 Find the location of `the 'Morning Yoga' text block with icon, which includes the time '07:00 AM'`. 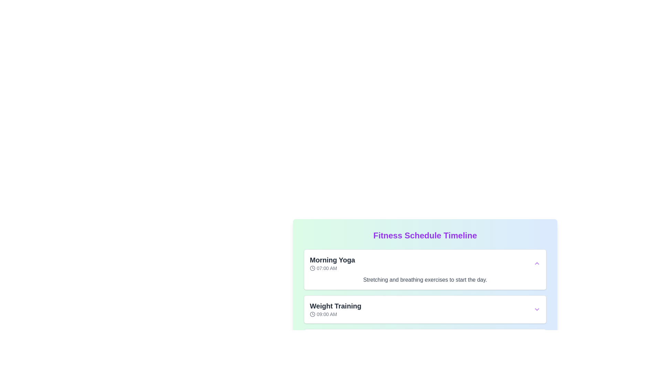

the 'Morning Yoga' text block with icon, which includes the time '07:00 AM' is located at coordinates (332, 263).